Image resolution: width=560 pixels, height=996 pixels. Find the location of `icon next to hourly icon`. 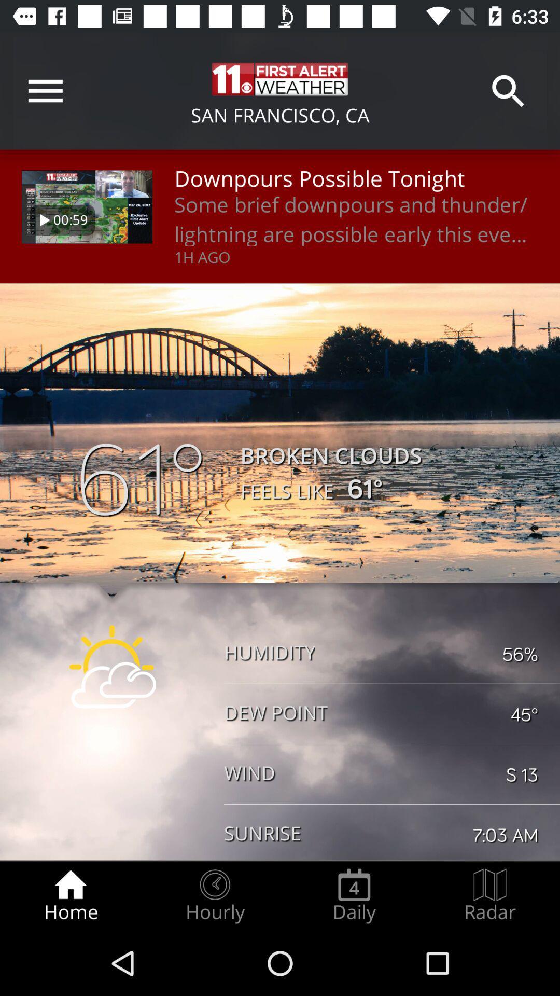

icon next to hourly icon is located at coordinates (70, 895).